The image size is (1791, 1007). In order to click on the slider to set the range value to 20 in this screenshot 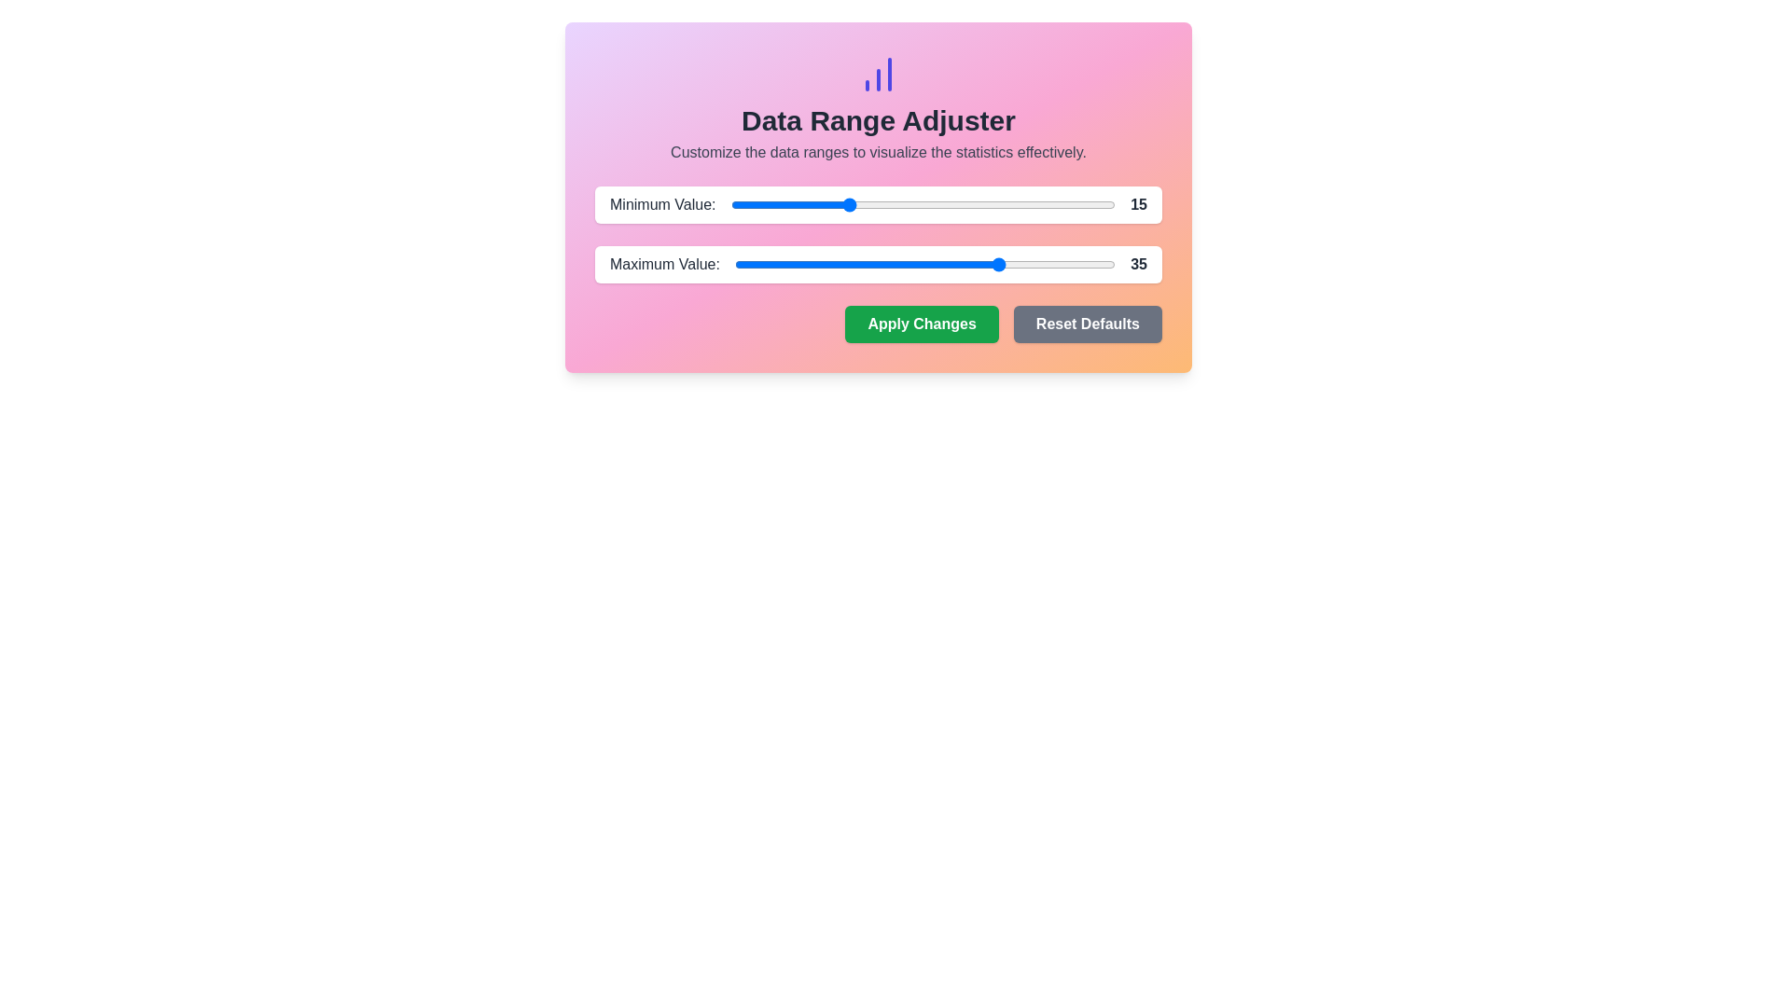, I will do `click(883, 204)`.